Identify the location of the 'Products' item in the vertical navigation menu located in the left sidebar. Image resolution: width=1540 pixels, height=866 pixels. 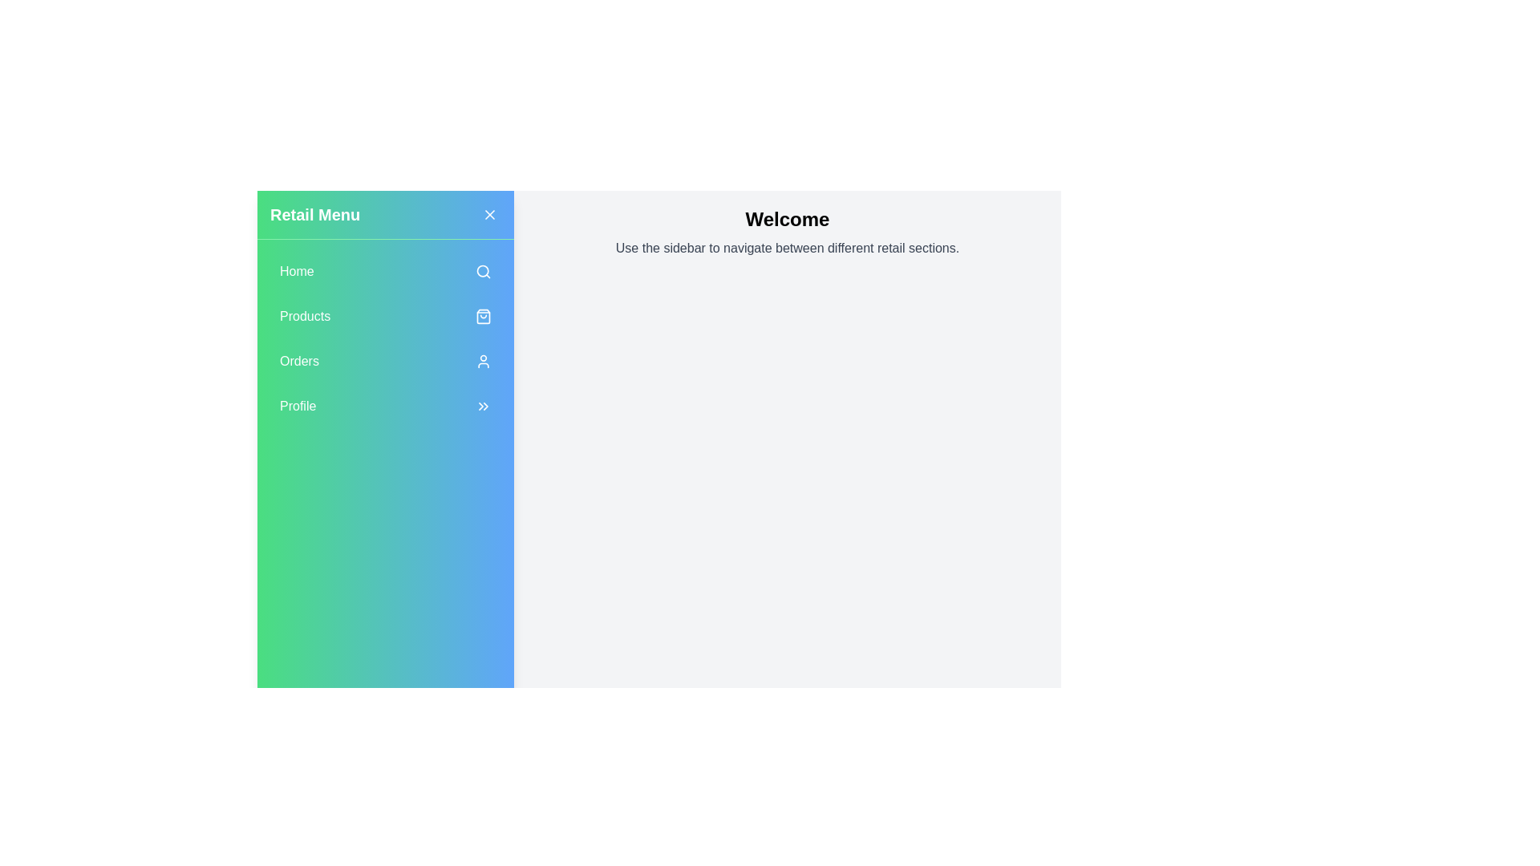
(385, 342).